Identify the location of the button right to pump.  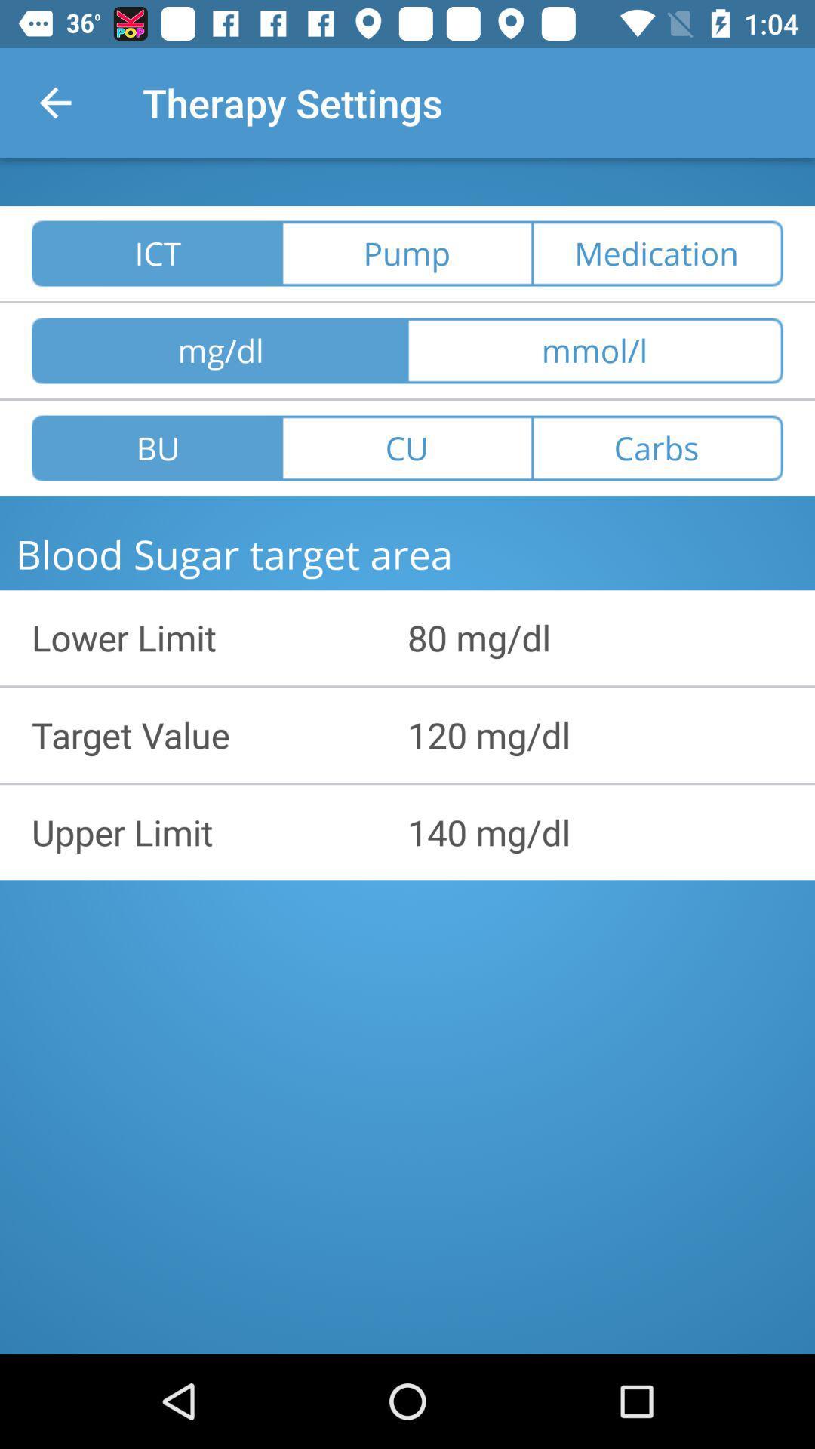
(657, 254).